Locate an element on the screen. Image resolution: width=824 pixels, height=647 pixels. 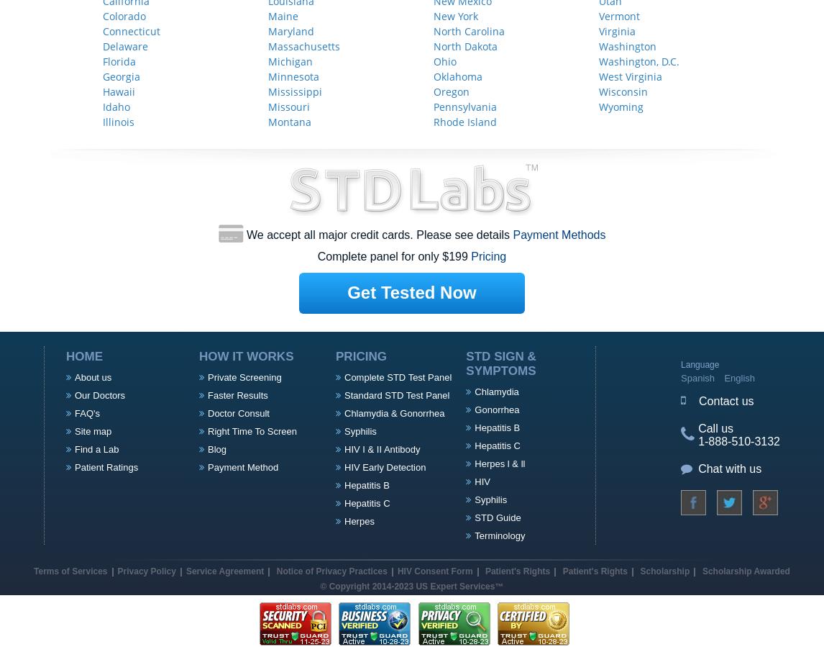
'Wisconsin' is located at coordinates (622, 90).